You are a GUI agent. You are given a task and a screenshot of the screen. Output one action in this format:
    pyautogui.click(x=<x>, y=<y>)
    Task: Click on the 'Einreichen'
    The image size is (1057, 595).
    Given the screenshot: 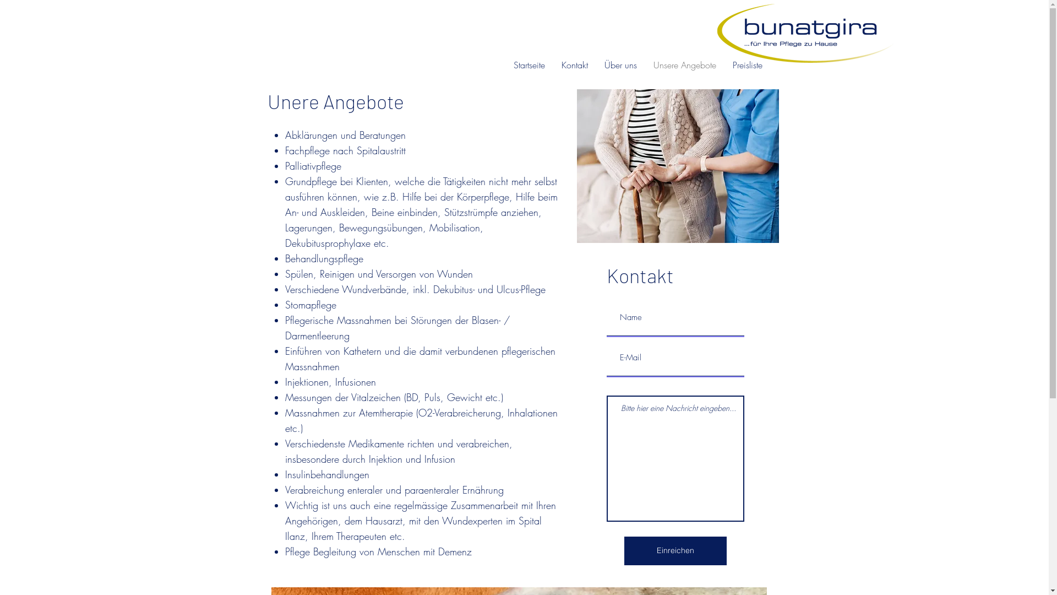 What is the action you would take?
    pyautogui.click(x=675, y=550)
    